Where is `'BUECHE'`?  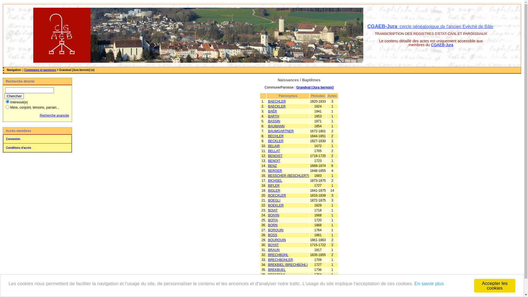 'BUECHE' is located at coordinates (275, 280).